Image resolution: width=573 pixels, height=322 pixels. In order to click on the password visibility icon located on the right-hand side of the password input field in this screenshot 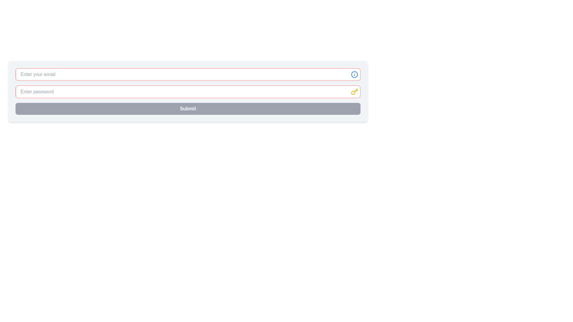, I will do `click(355, 92)`.